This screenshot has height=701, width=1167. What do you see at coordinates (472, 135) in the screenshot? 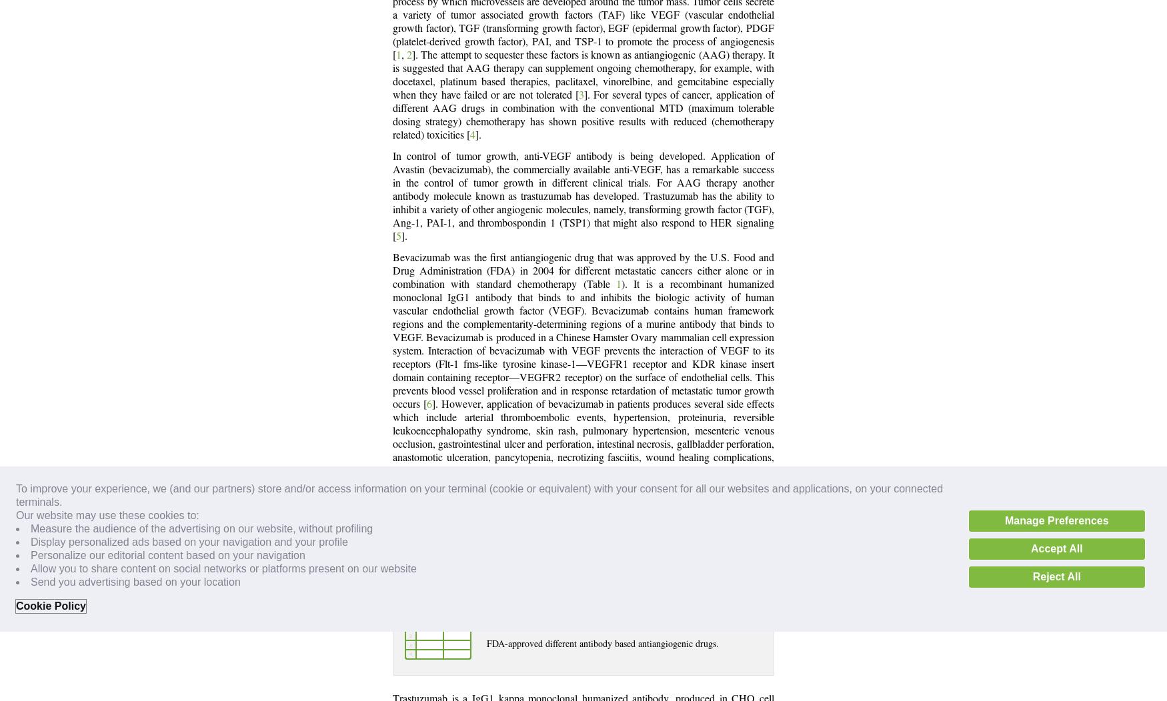
I see `'4'` at bounding box center [472, 135].